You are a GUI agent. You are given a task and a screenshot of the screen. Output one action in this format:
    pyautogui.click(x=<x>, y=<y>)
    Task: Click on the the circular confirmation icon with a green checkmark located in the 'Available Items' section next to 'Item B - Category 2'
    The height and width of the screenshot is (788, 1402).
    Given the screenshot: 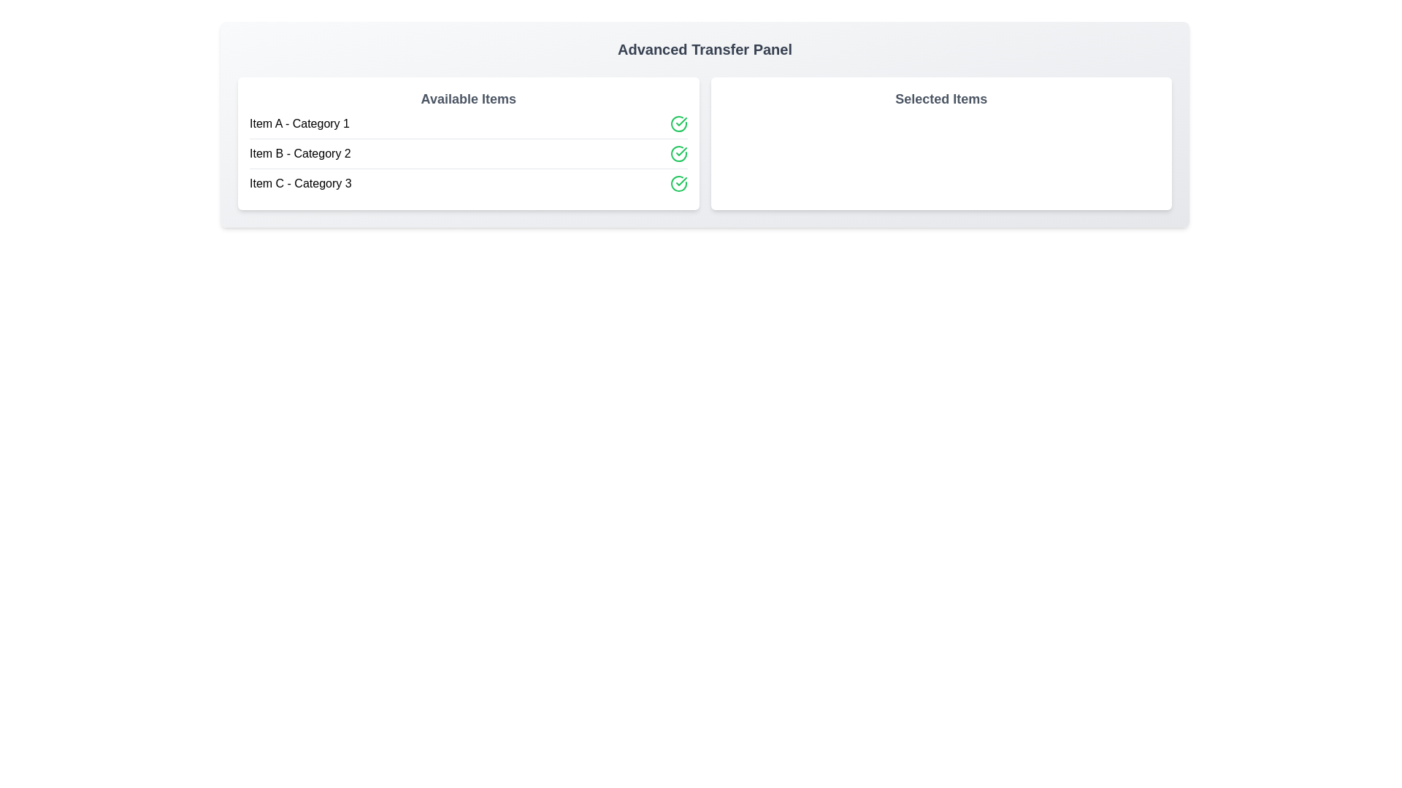 What is the action you would take?
    pyautogui.click(x=678, y=123)
    